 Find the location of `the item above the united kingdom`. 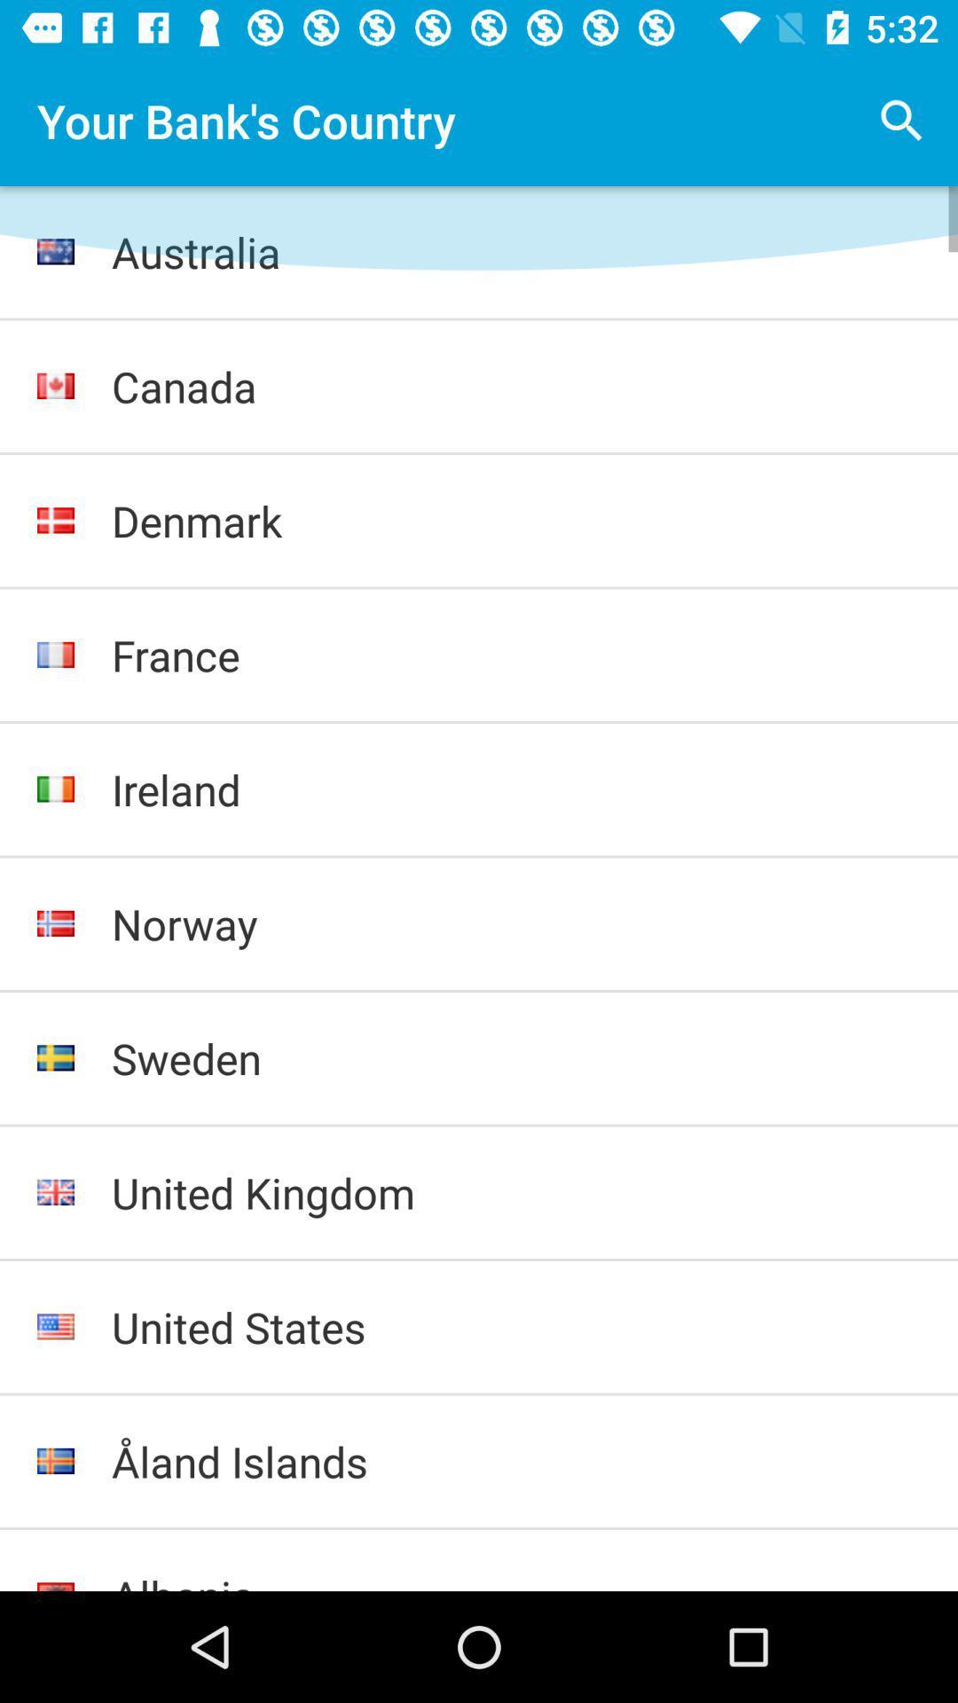

the item above the united kingdom is located at coordinates (516, 1058).